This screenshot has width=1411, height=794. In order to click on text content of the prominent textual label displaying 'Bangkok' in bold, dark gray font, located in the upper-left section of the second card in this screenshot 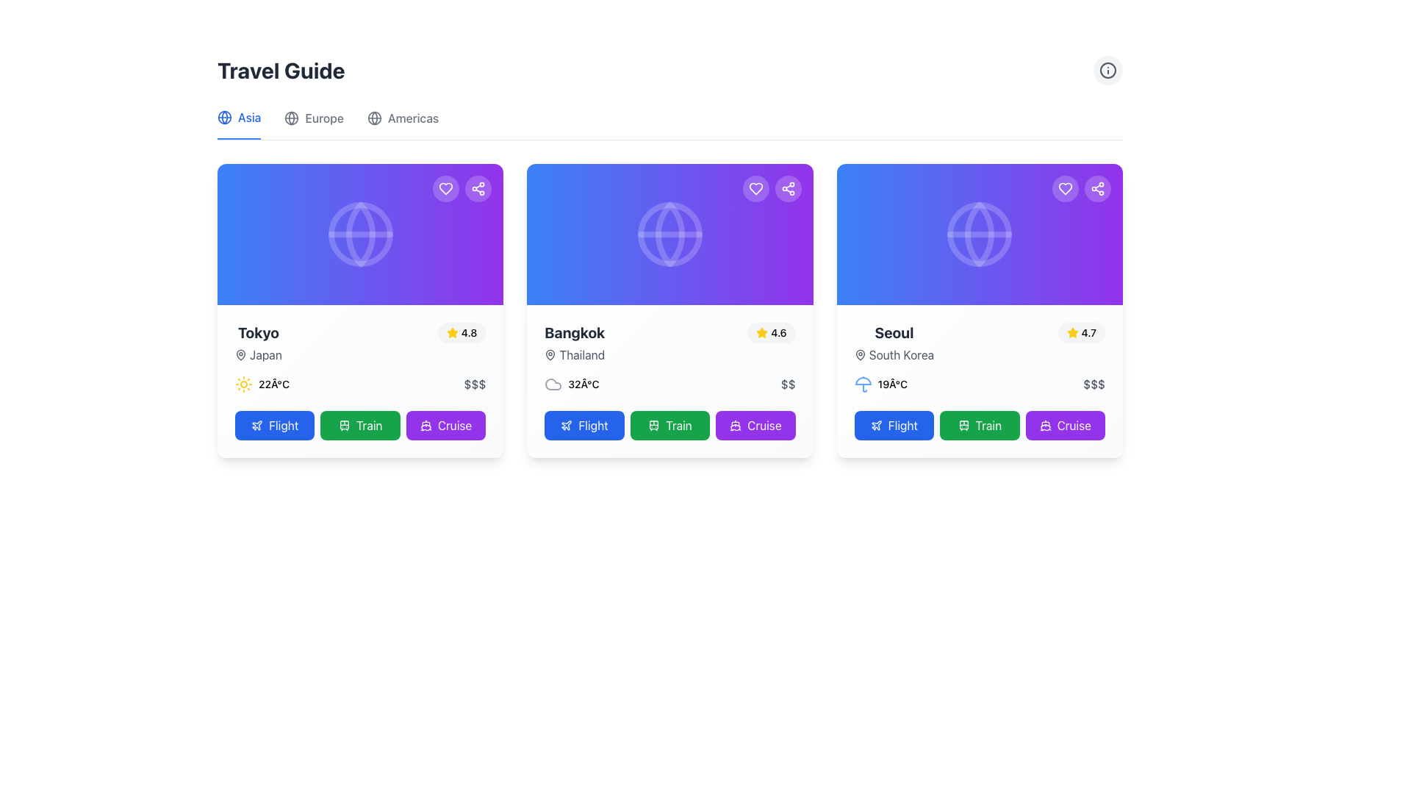, I will do `click(574, 332)`.